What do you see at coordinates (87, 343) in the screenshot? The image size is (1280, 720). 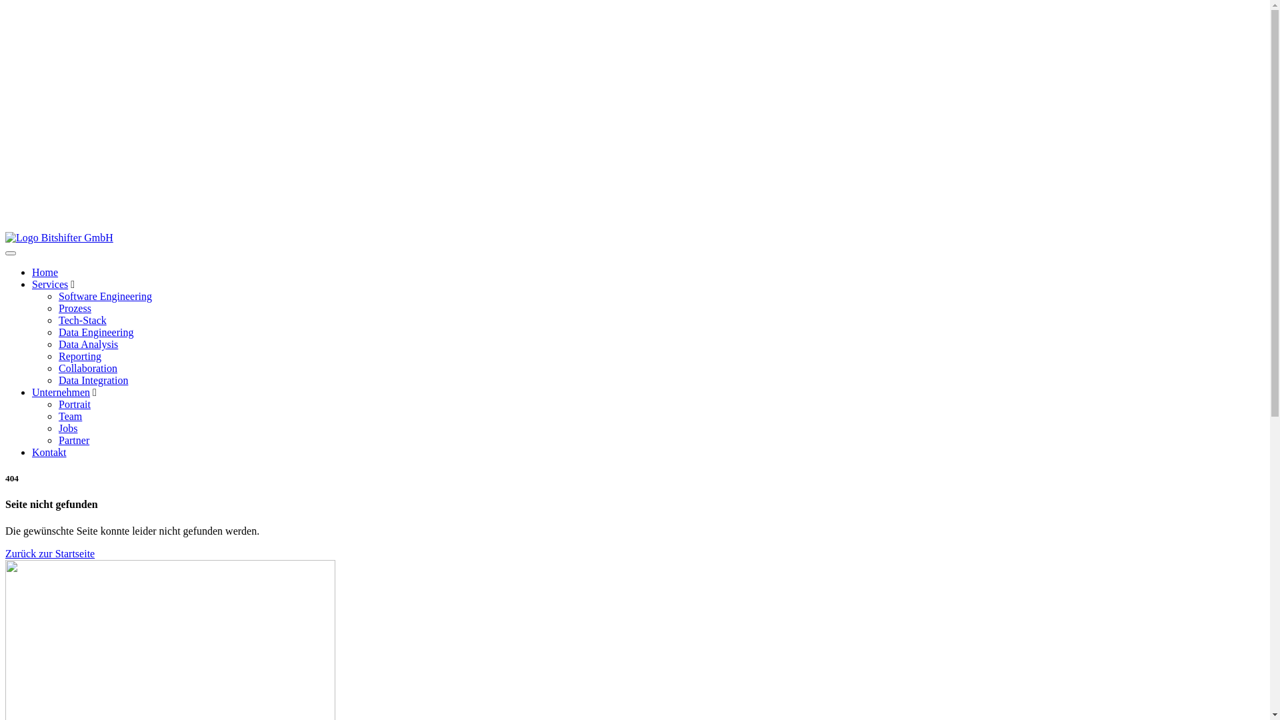 I see `'Data Analysis'` at bounding box center [87, 343].